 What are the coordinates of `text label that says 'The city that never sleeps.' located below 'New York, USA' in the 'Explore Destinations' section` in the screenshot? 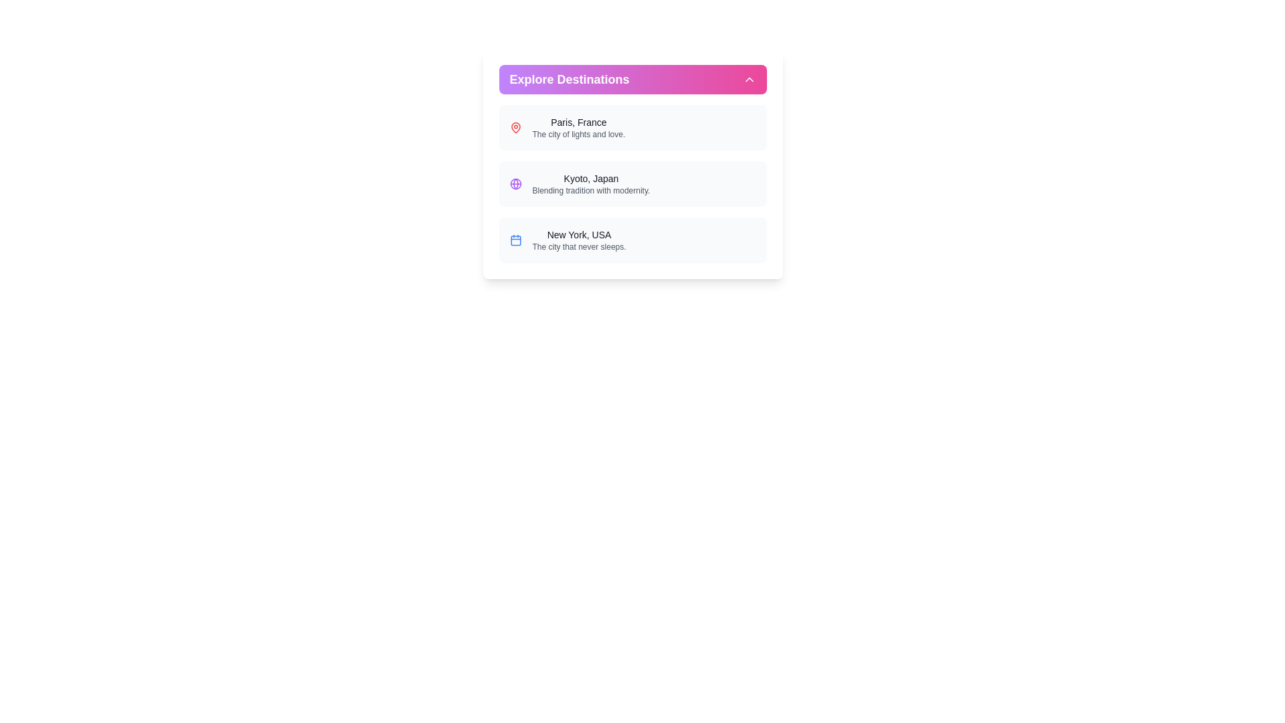 It's located at (579, 247).